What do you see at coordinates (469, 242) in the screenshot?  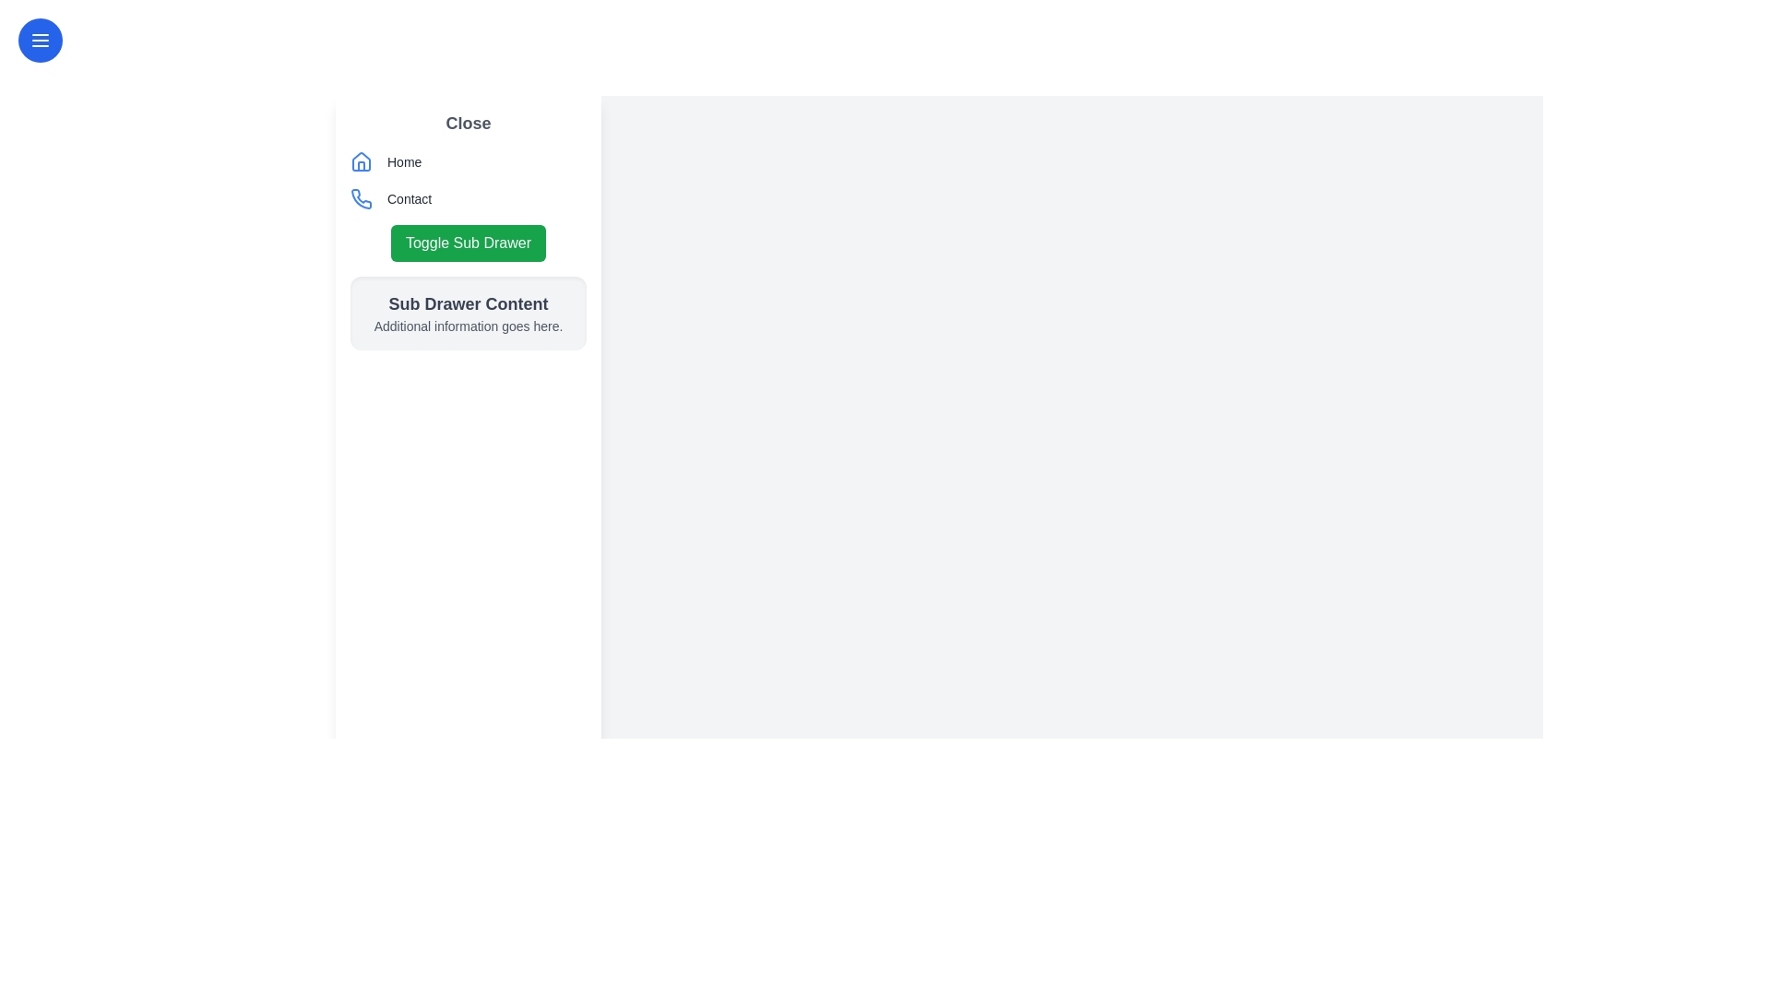 I see `the button located in the left sidebar beneath the 'Contact' button and above the 'Sub Drawer Content' section` at bounding box center [469, 242].